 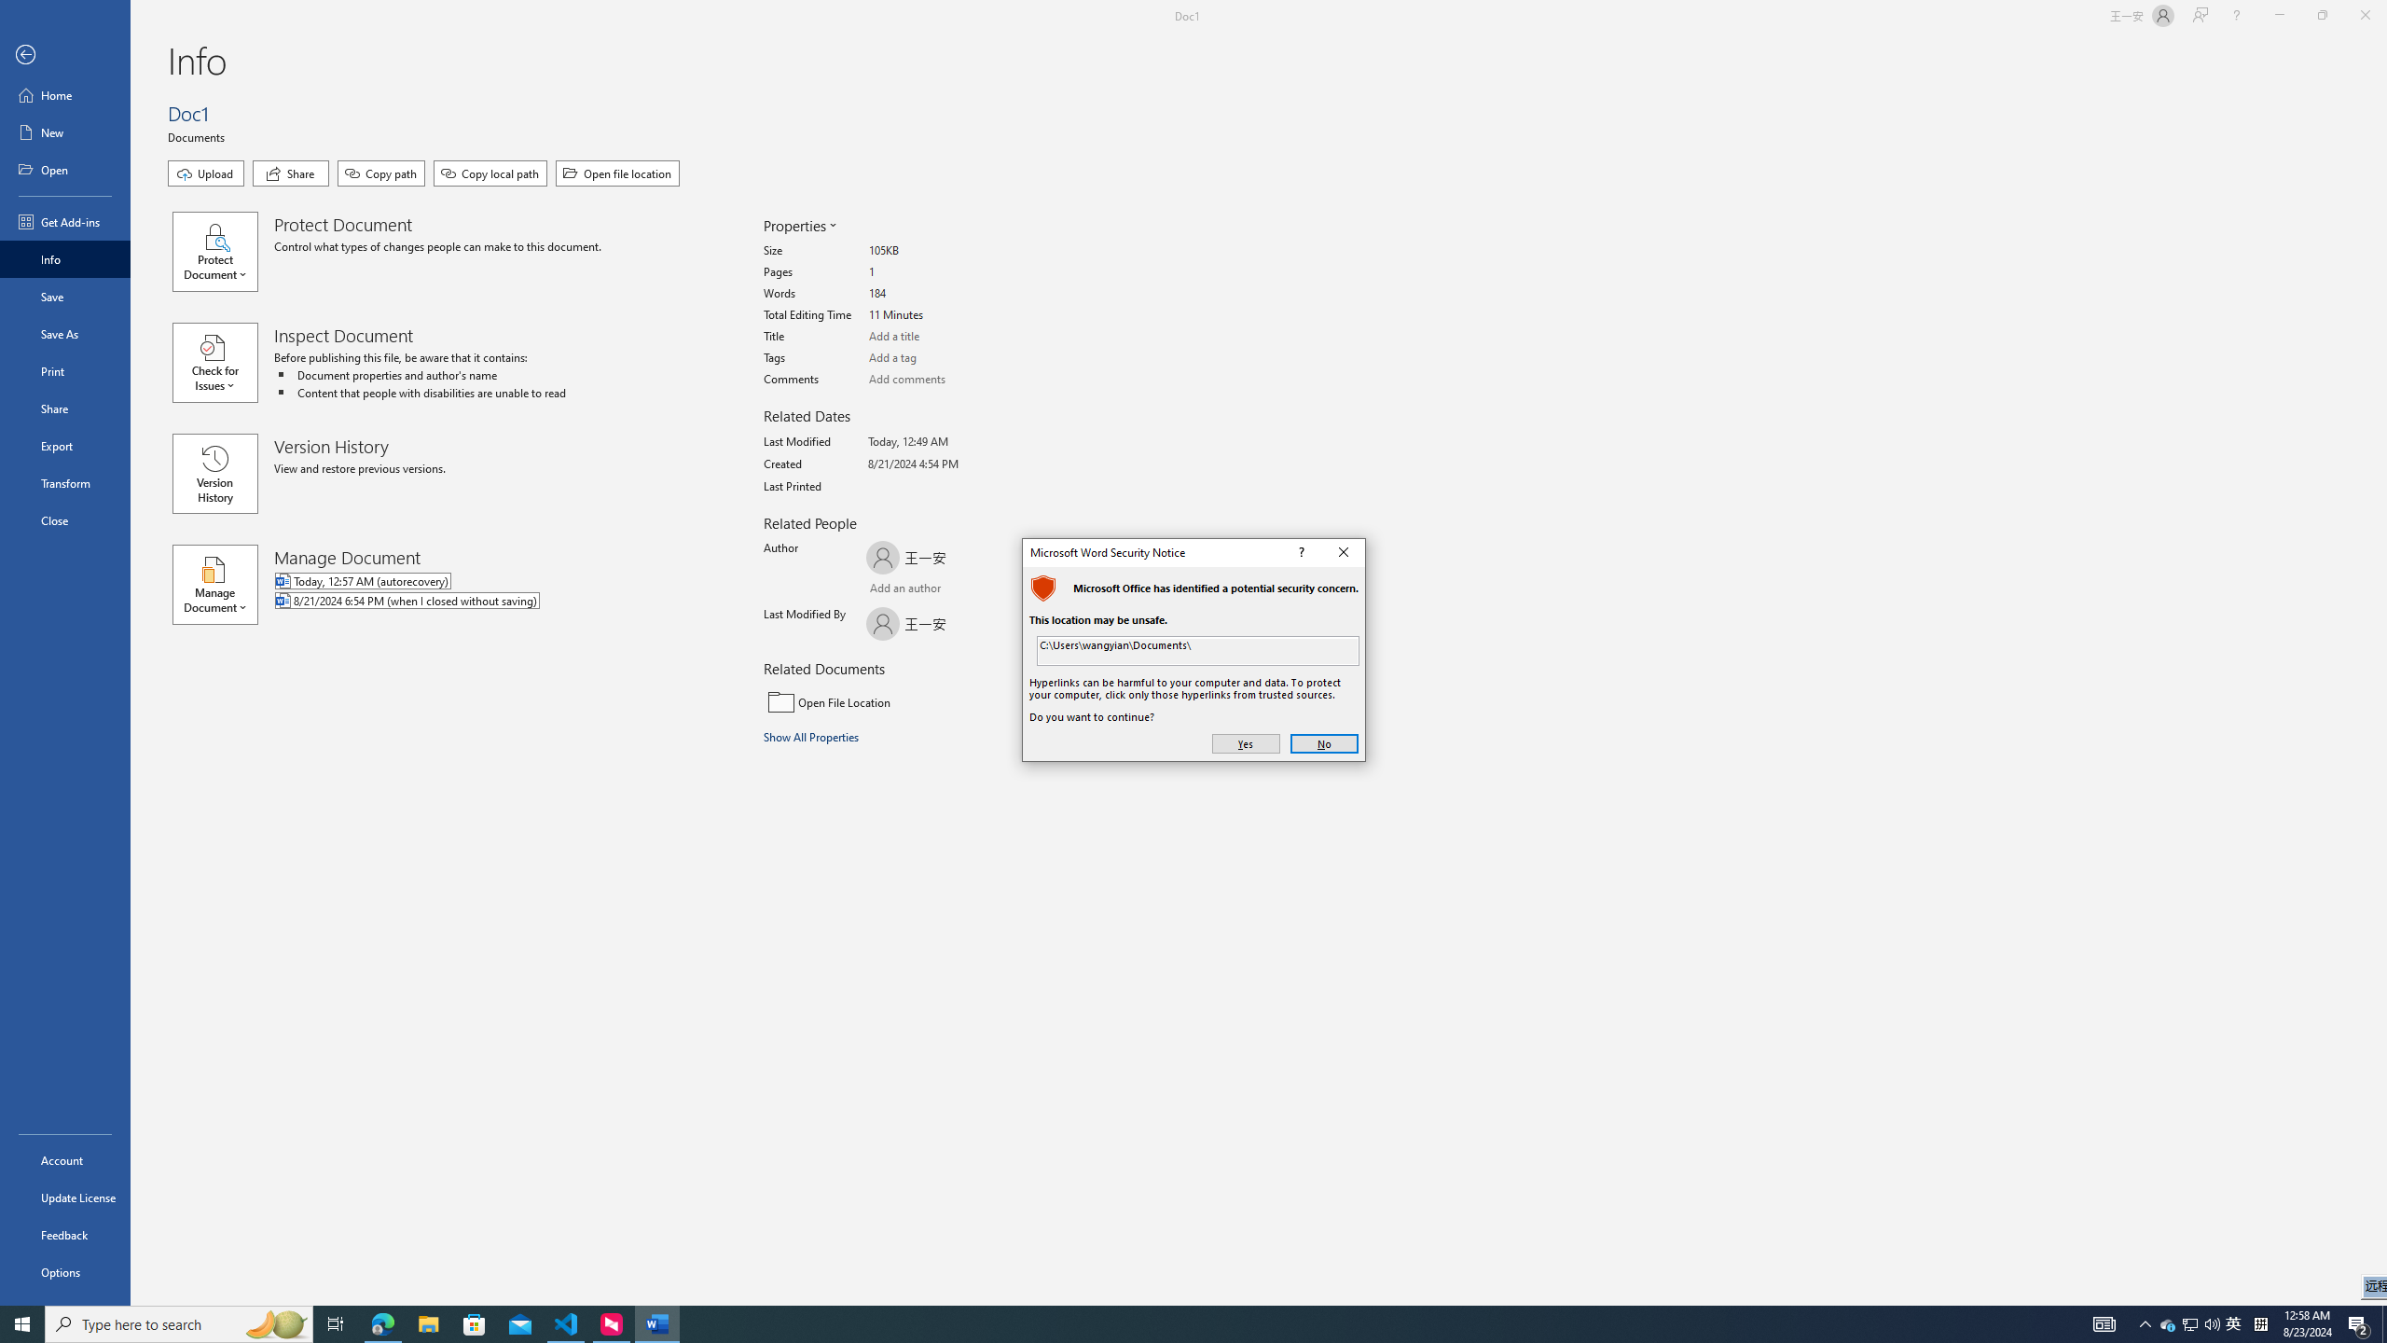 What do you see at coordinates (64, 168) in the screenshot?
I see `'Open'` at bounding box center [64, 168].